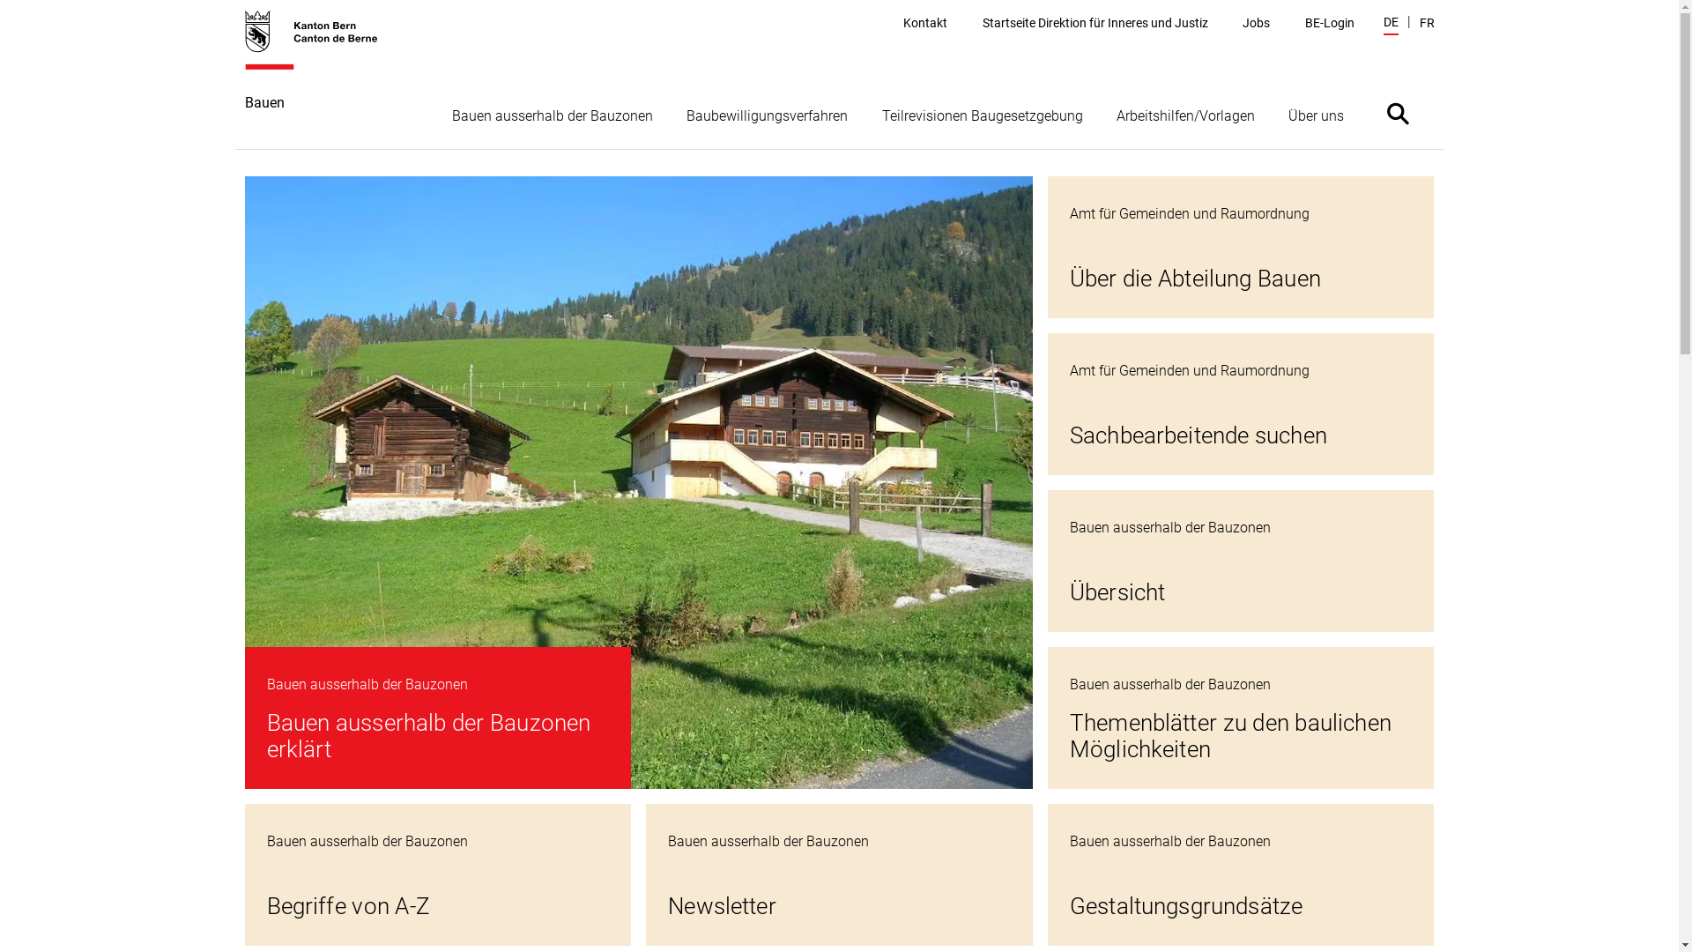 This screenshot has width=1692, height=952. What do you see at coordinates (924, 23) in the screenshot?
I see `'Kontakt'` at bounding box center [924, 23].